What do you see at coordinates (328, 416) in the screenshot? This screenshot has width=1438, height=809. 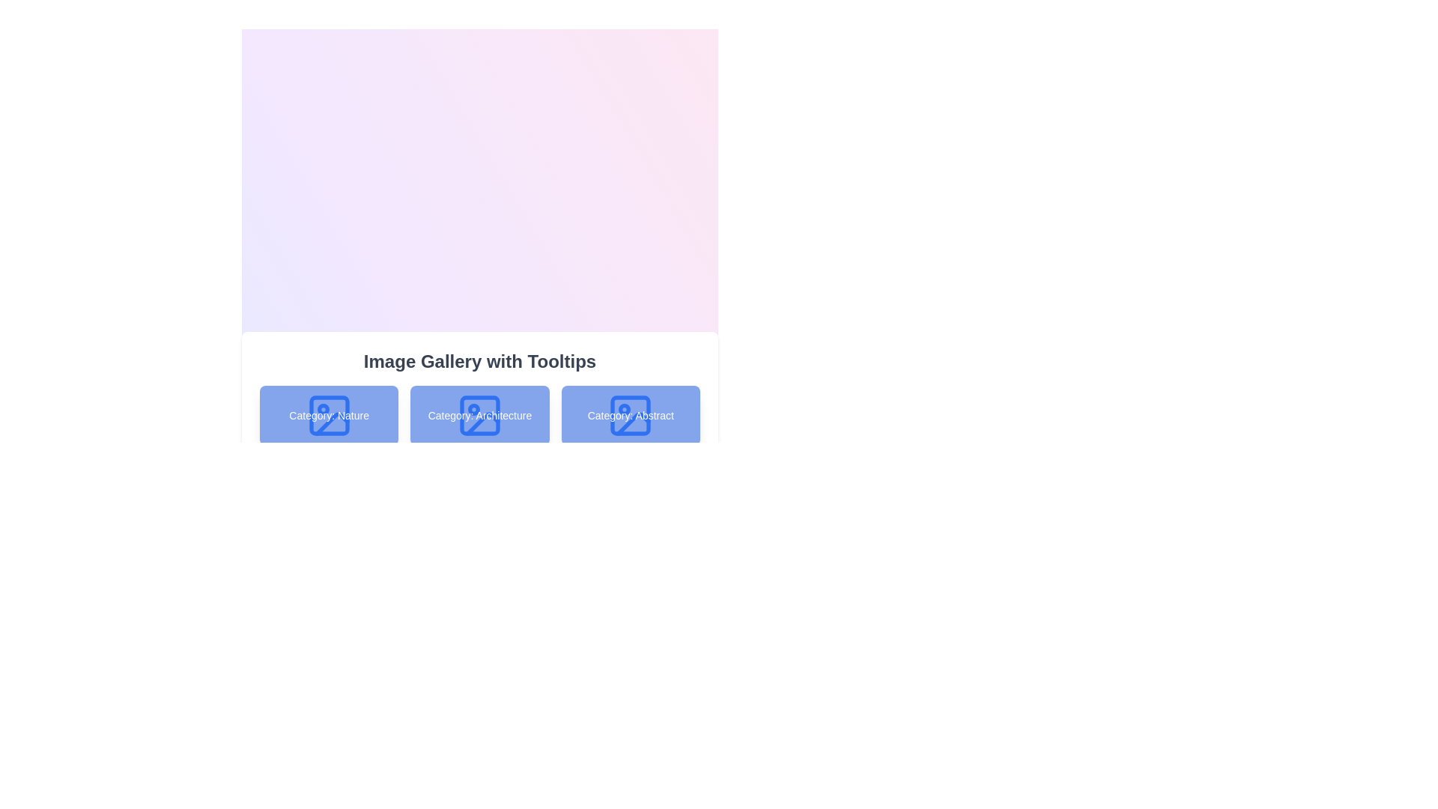 I see `the central SVG rectangle graphic that represents an image placeholder within the image gallery icon` at bounding box center [328, 416].